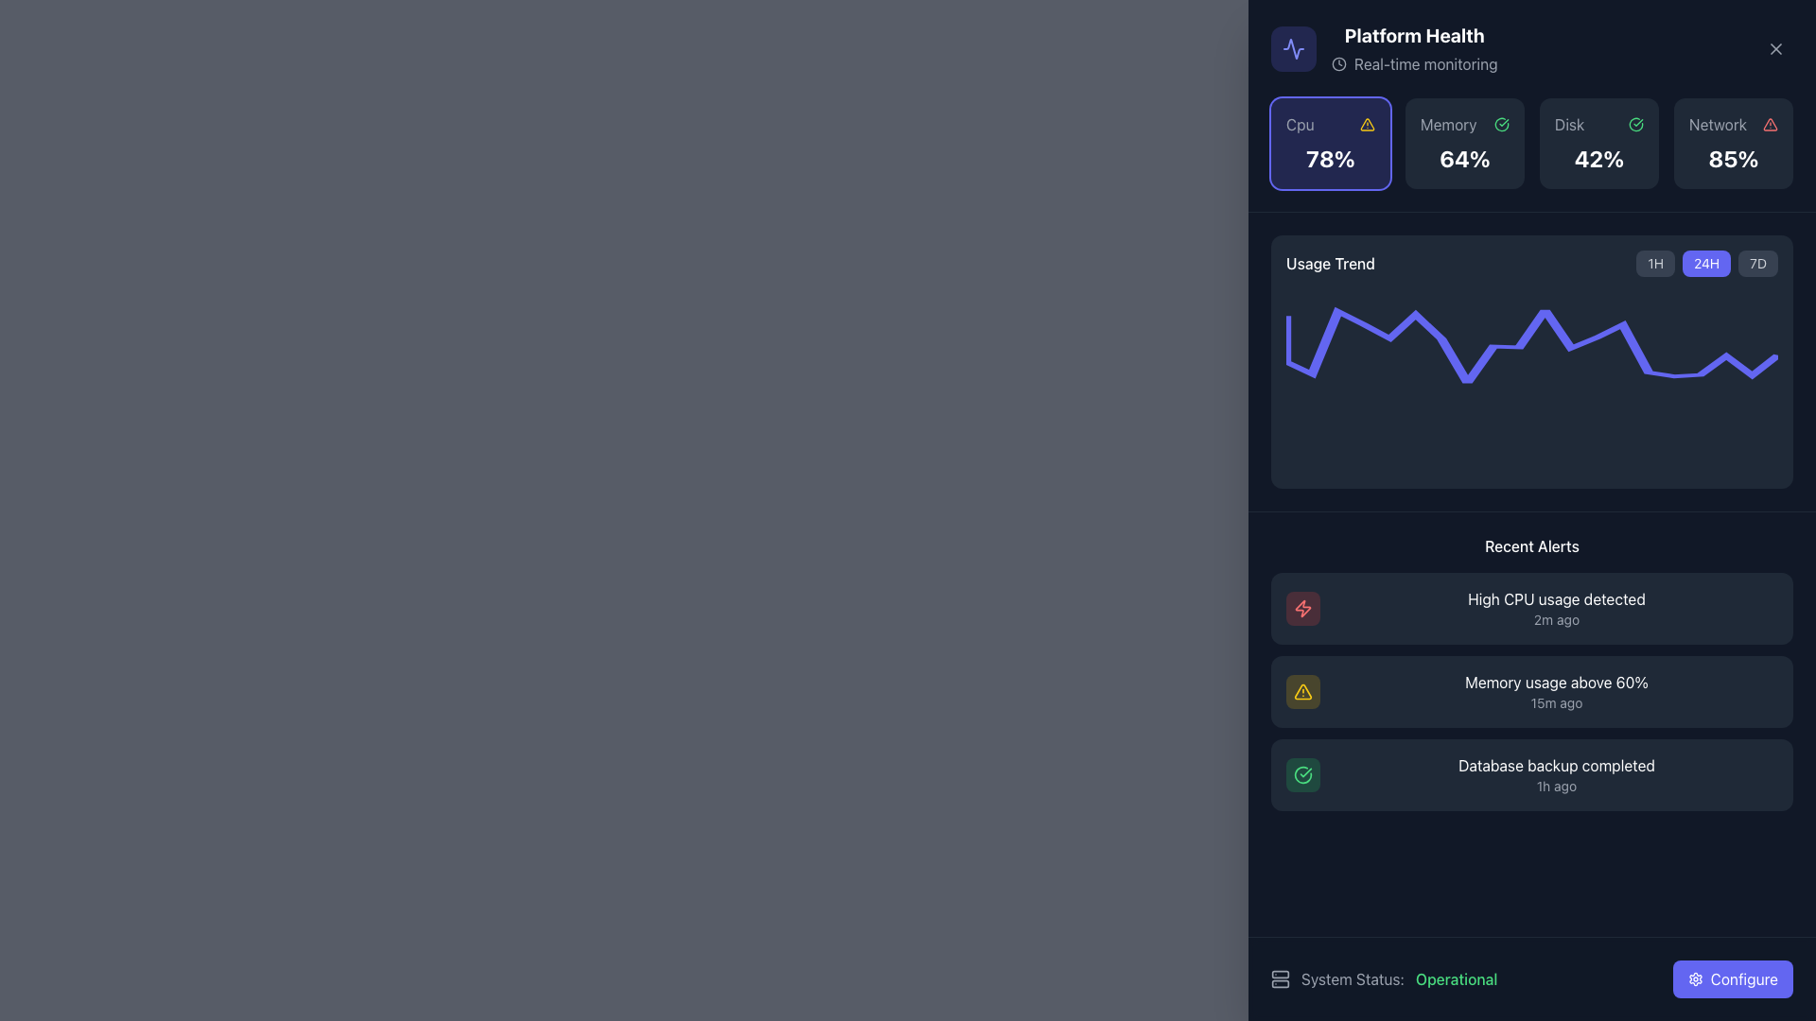 The height and width of the screenshot is (1021, 1816). Describe the element at coordinates (1634, 124) in the screenshot. I see `the status icon representing the 'Disk' category, which is located to the right of the text label 'disk' within a horizontally-aligned layout group` at that location.